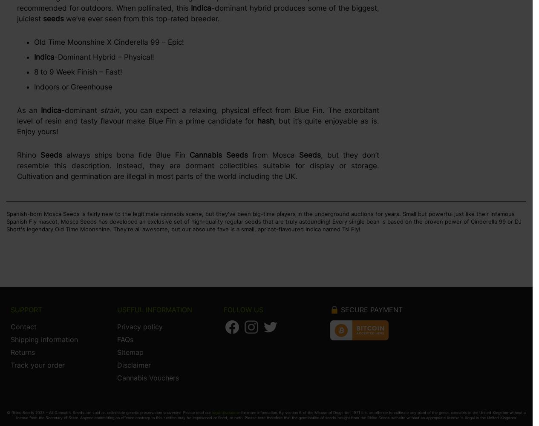  What do you see at coordinates (22, 352) in the screenshot?
I see `'Returns'` at bounding box center [22, 352].